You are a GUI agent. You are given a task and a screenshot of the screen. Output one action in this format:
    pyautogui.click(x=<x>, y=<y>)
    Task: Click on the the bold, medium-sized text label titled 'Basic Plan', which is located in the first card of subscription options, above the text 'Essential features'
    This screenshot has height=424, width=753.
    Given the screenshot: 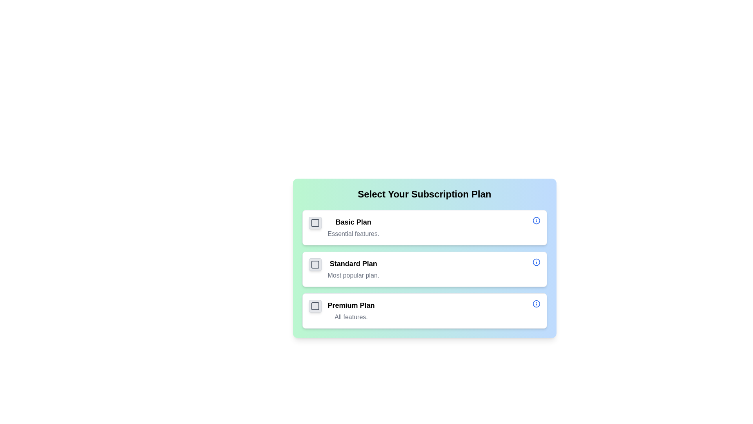 What is the action you would take?
    pyautogui.click(x=353, y=222)
    